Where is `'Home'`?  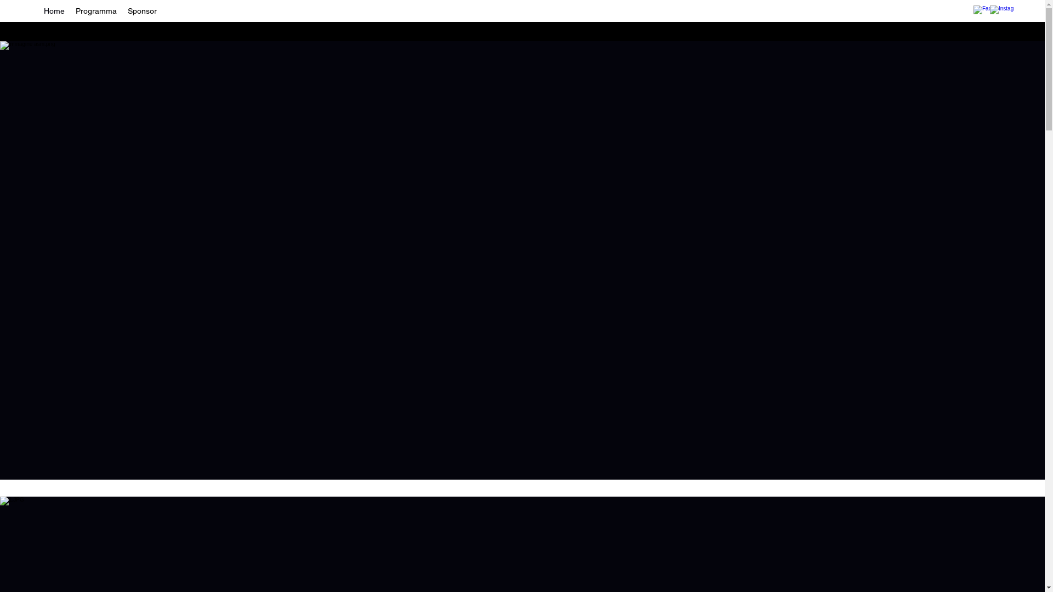 'Home' is located at coordinates (38, 10).